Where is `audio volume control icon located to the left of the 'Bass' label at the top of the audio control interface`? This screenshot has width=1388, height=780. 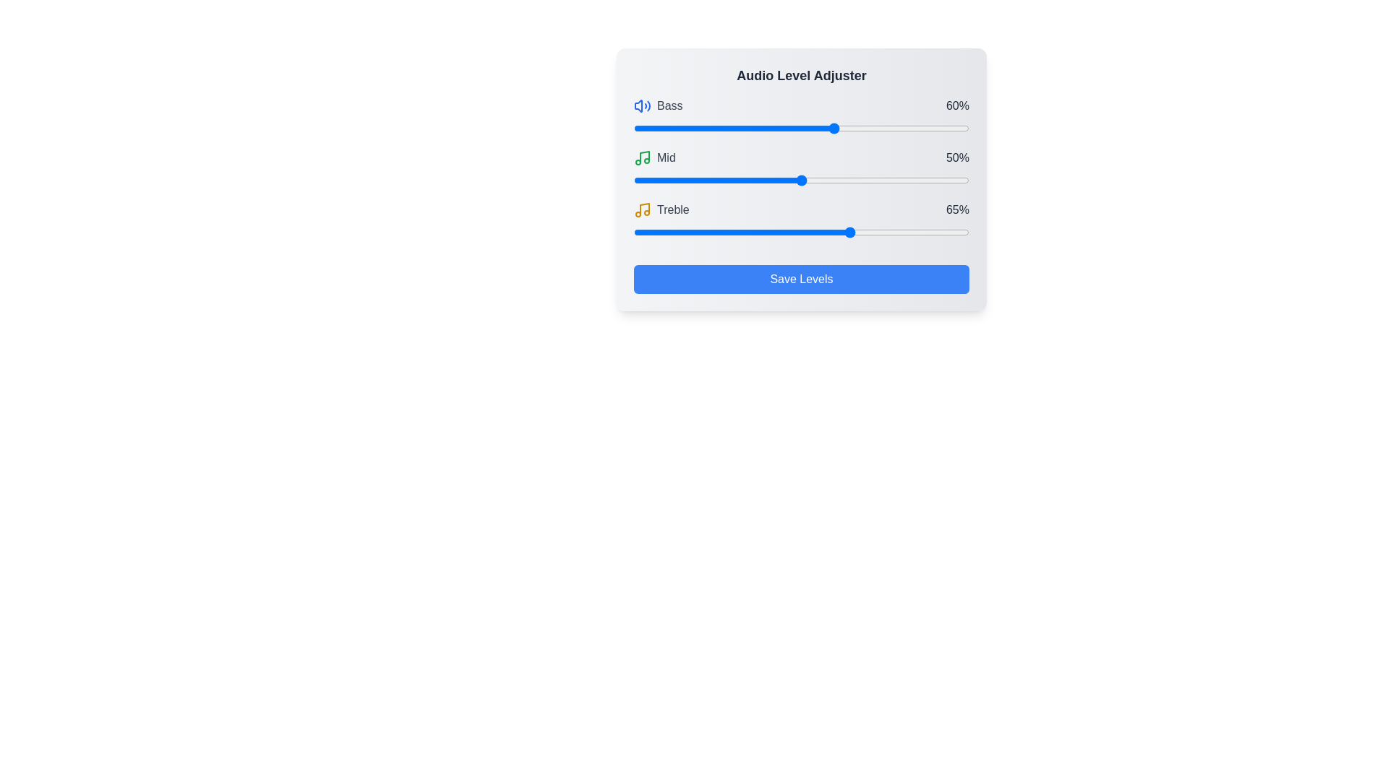
audio volume control icon located to the left of the 'Bass' label at the top of the audio control interface is located at coordinates (641, 105).